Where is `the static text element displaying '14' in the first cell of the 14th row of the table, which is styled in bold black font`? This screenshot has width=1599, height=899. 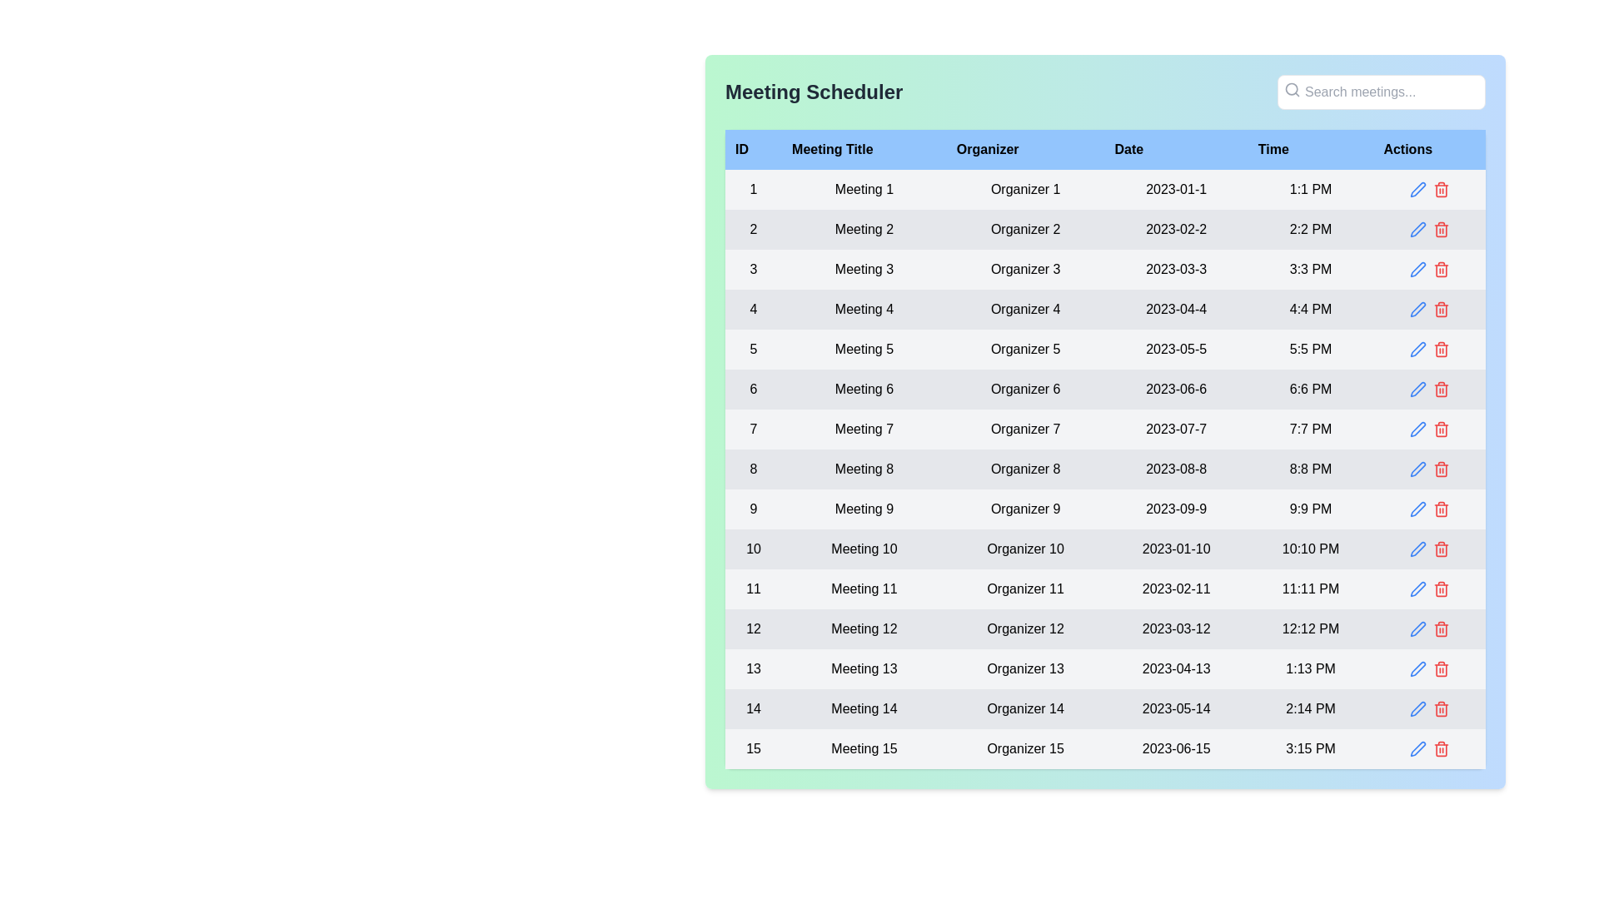
the static text element displaying '14' in the first cell of the 14th row of the table, which is styled in bold black font is located at coordinates (753, 709).